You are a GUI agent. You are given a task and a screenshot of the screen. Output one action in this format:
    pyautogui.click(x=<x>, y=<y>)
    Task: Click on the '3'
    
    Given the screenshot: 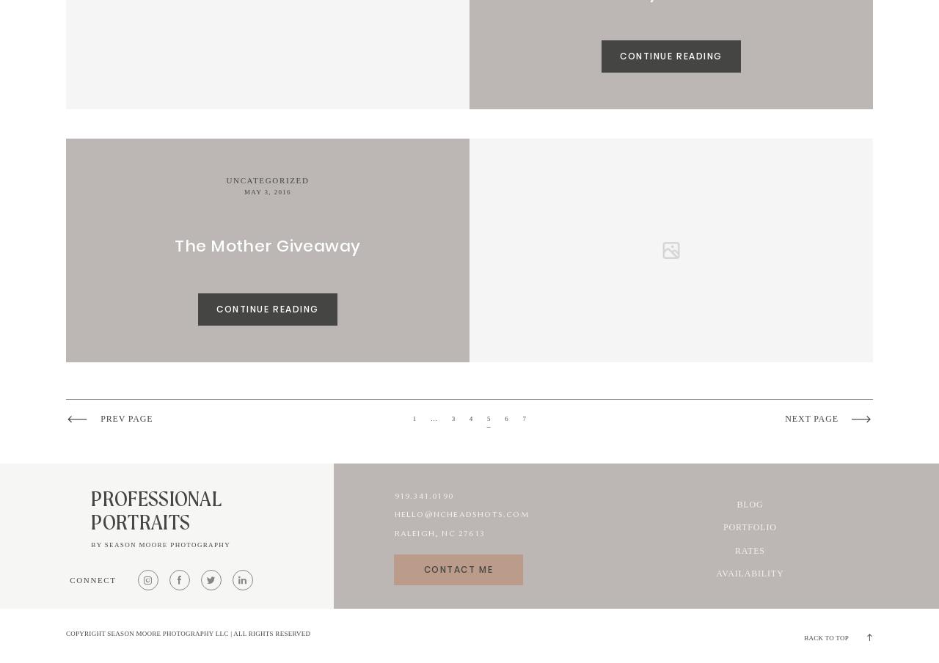 What is the action you would take?
    pyautogui.click(x=452, y=417)
    